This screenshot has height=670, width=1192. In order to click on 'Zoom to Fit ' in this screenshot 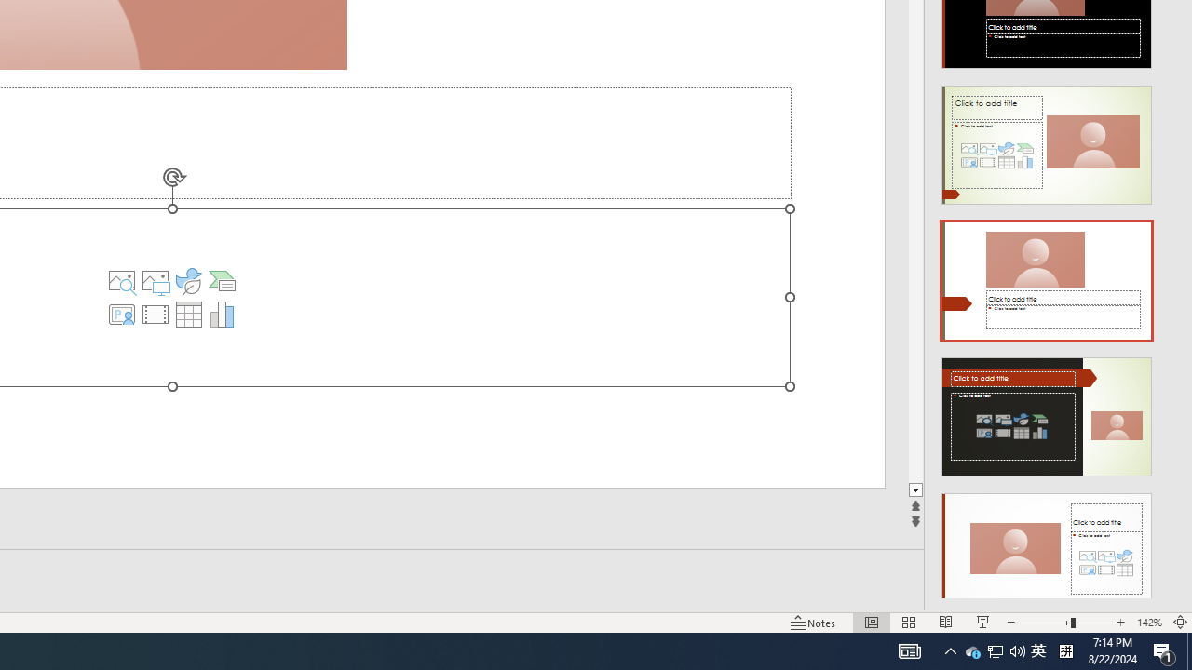, I will do `click(1179, 623)`.